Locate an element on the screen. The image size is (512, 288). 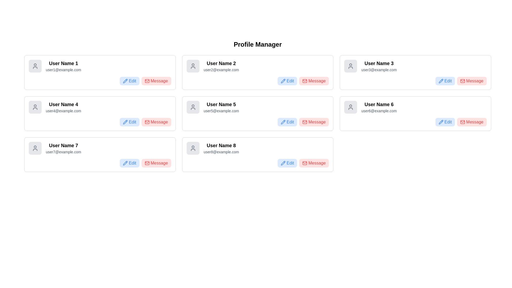
the 'Edit' button with a light blue background and blue text, located to the left of the 'Message' button for 'User Name 4', to initiate editing is located at coordinates (129, 122).